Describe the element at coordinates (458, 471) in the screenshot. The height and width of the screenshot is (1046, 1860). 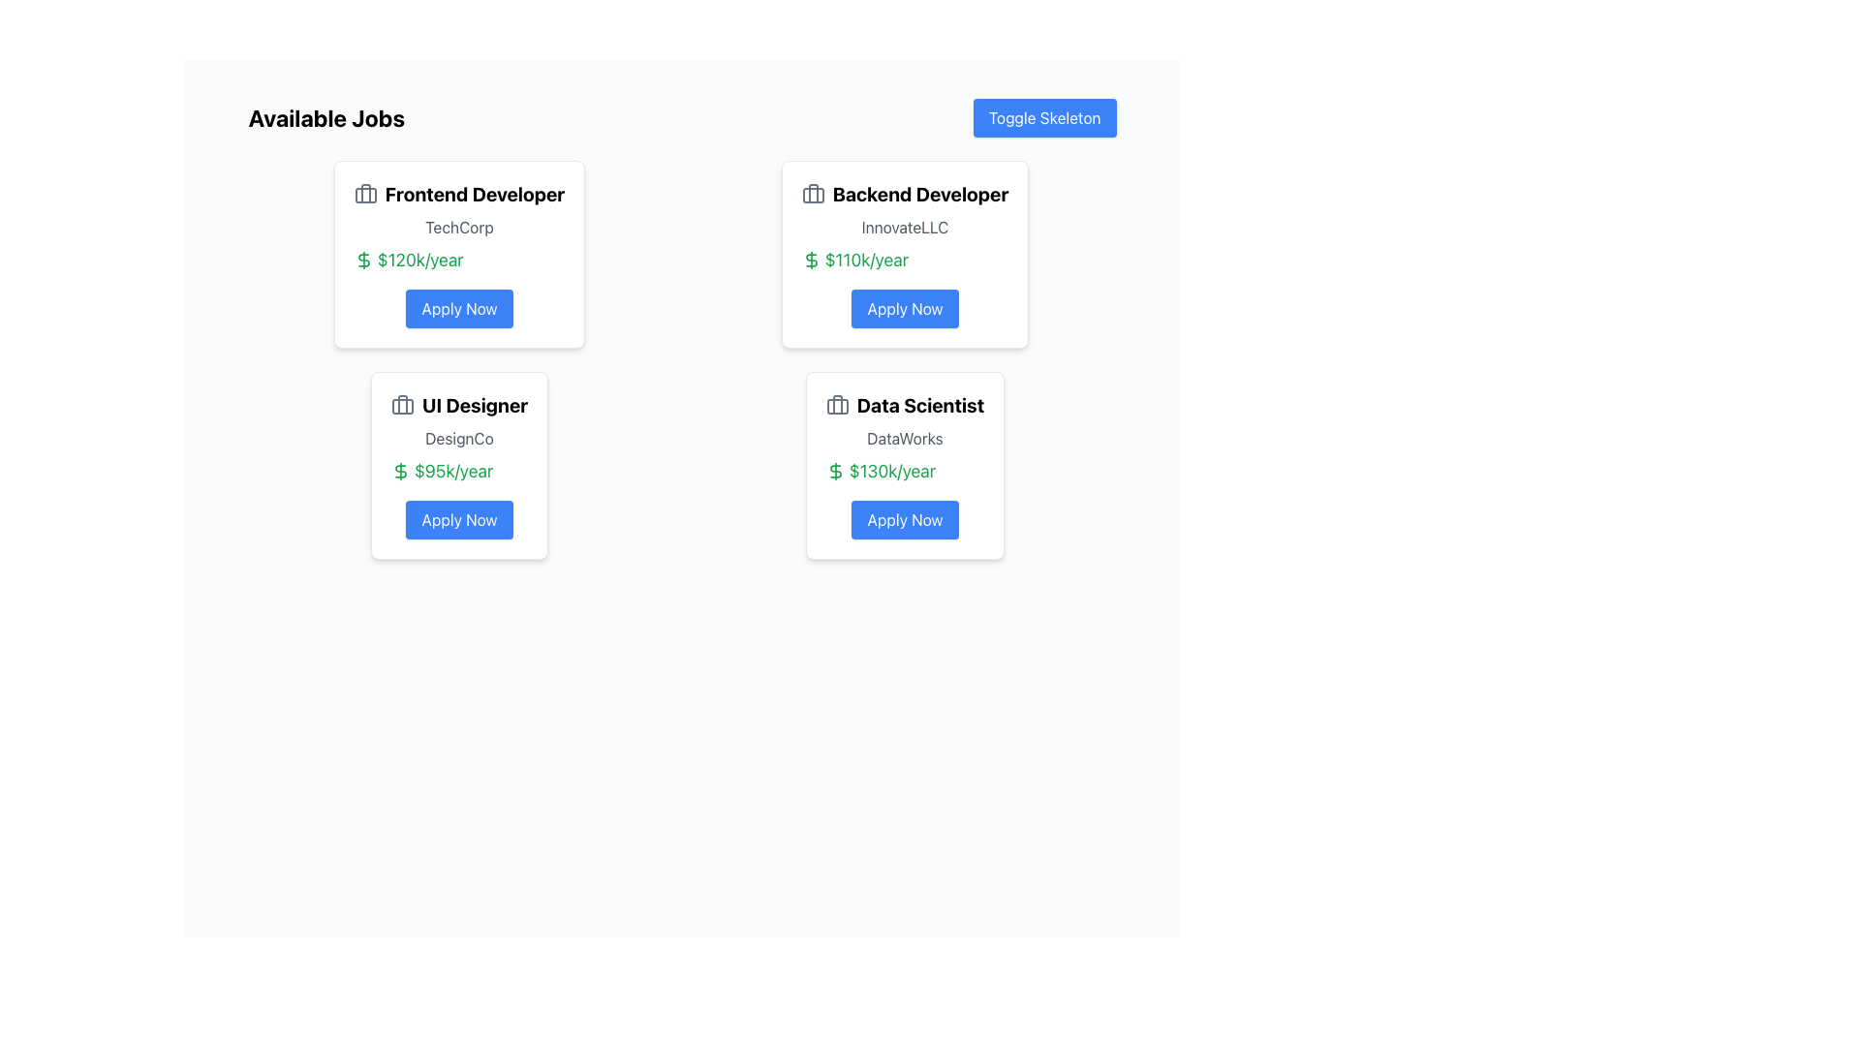
I see `salary information displayed in the second card under the job title 'UI Designer' at 'DesignCo', located above the 'Apply Now' button` at that location.